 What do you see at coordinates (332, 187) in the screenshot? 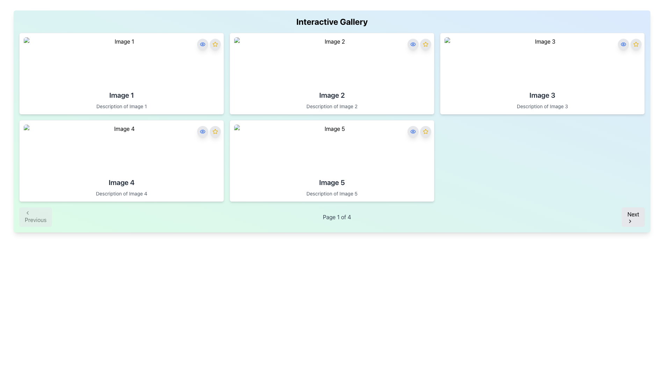
I see `the text content area displaying the title and description for 'Image 5', located at the bottom section of the fifth gallery card in the image gallery layout` at bounding box center [332, 187].